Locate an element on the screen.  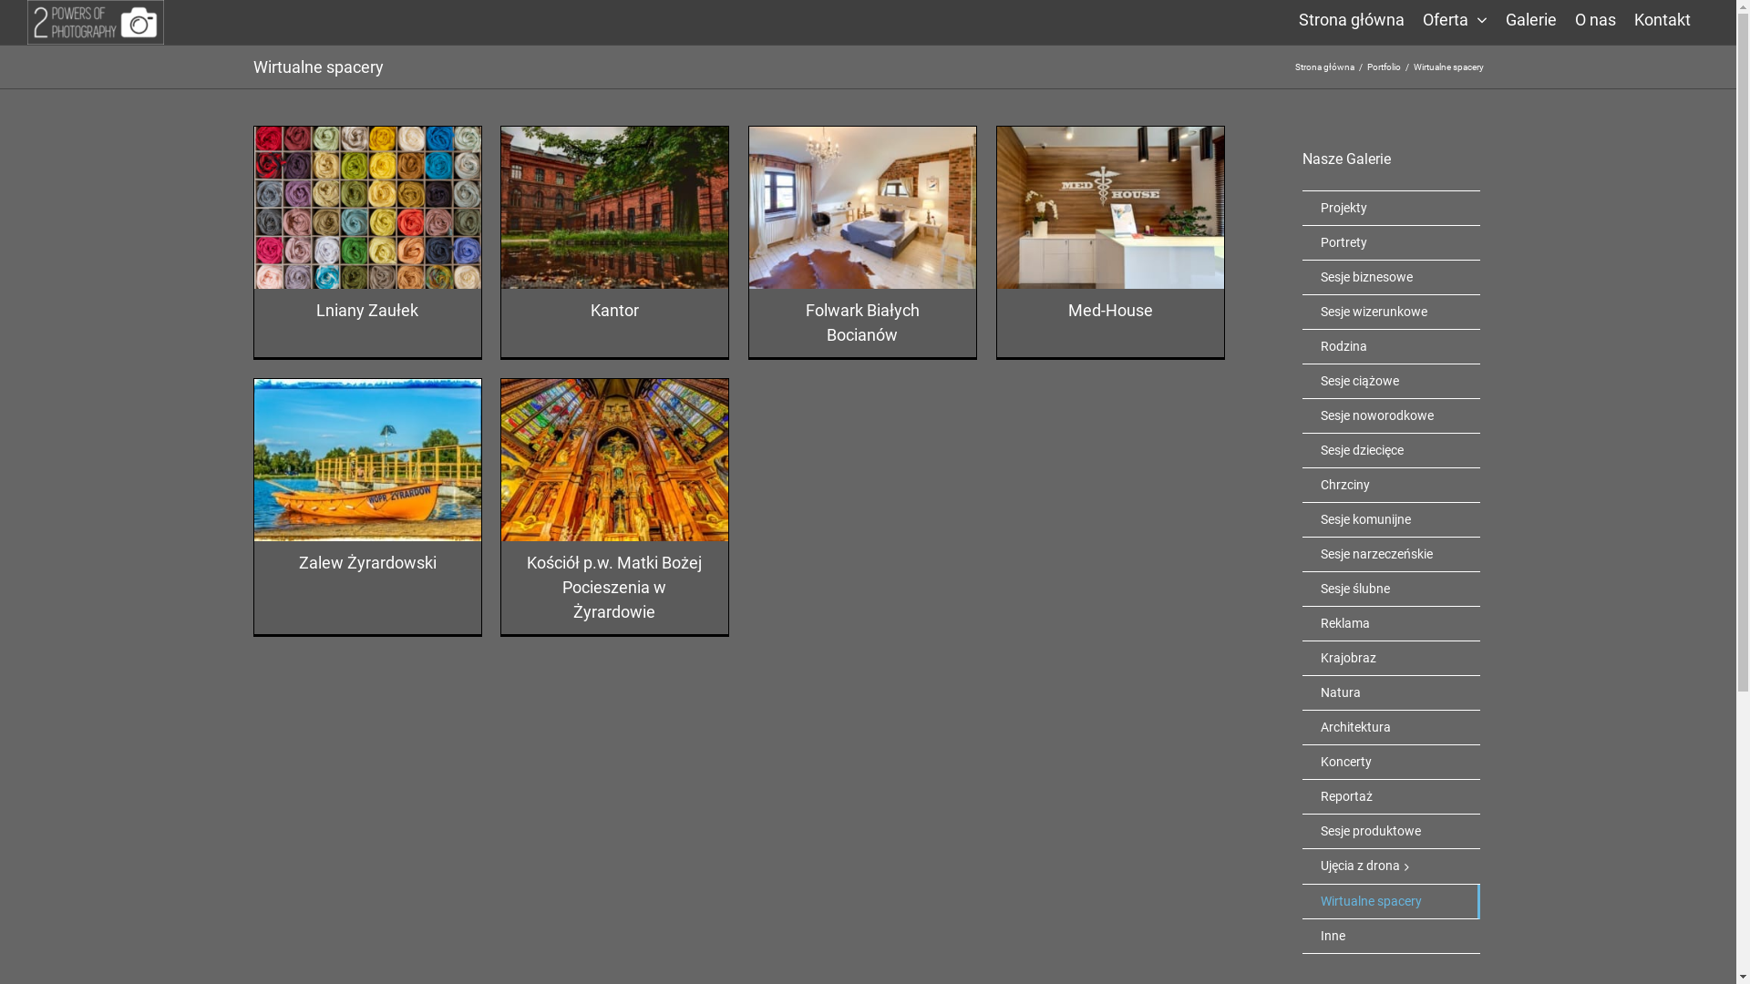
'Sesje produktowe' is located at coordinates (1390, 832).